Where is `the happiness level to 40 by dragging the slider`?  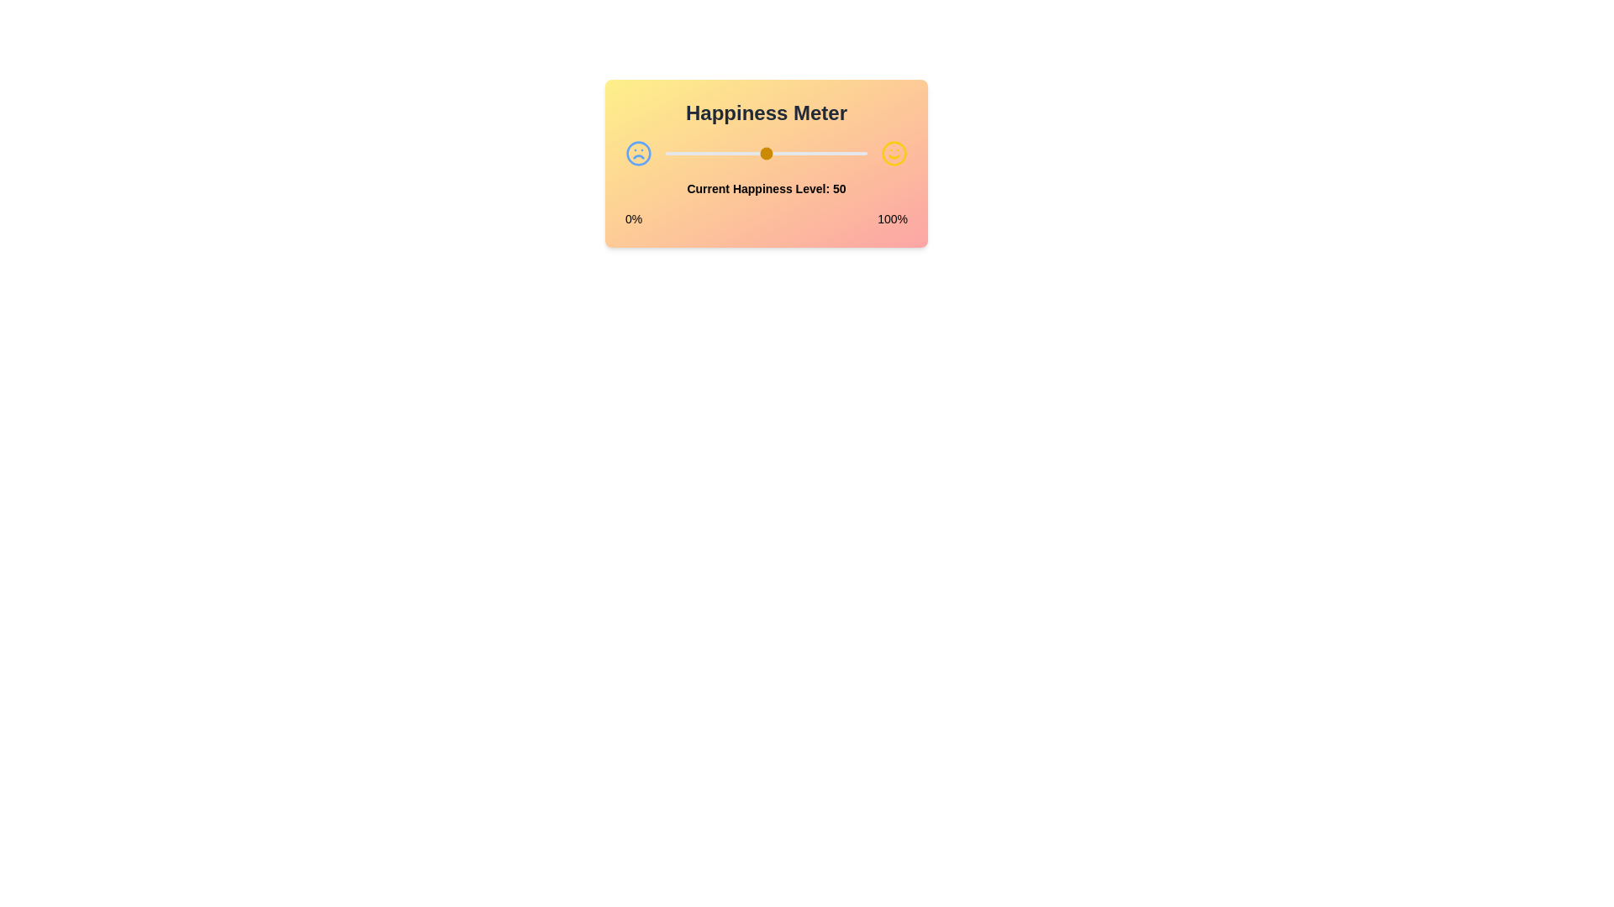 the happiness level to 40 by dragging the slider is located at coordinates (746, 153).